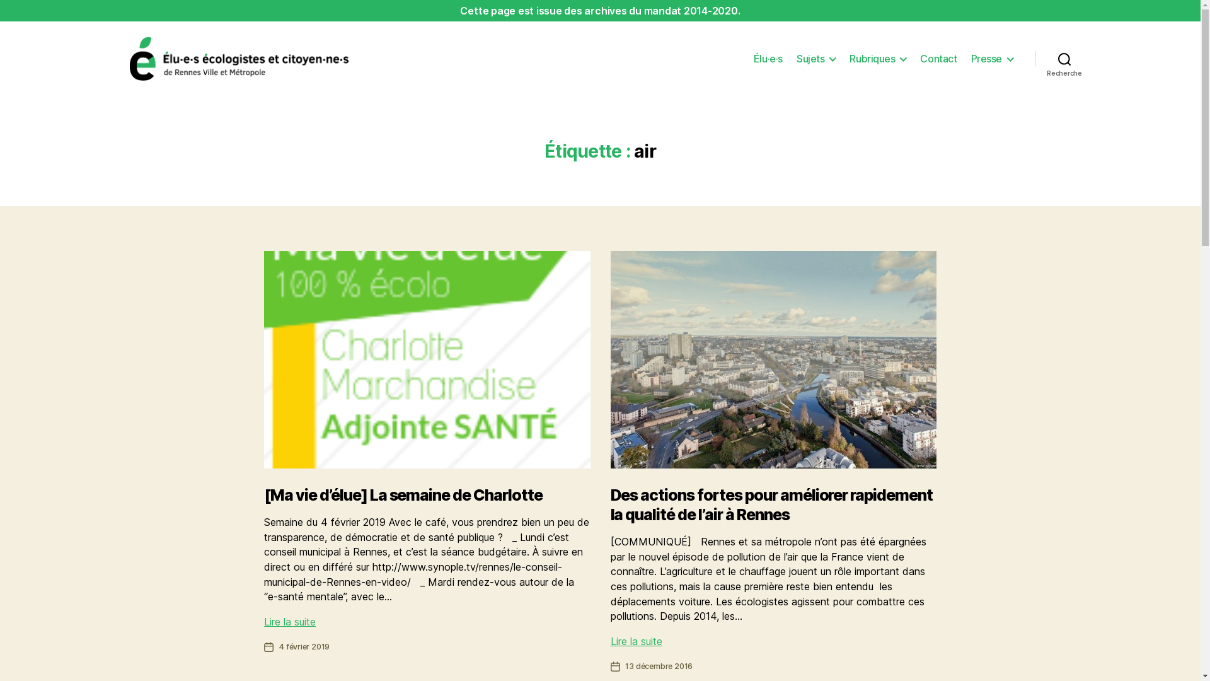  What do you see at coordinates (991, 59) in the screenshot?
I see `'Presse'` at bounding box center [991, 59].